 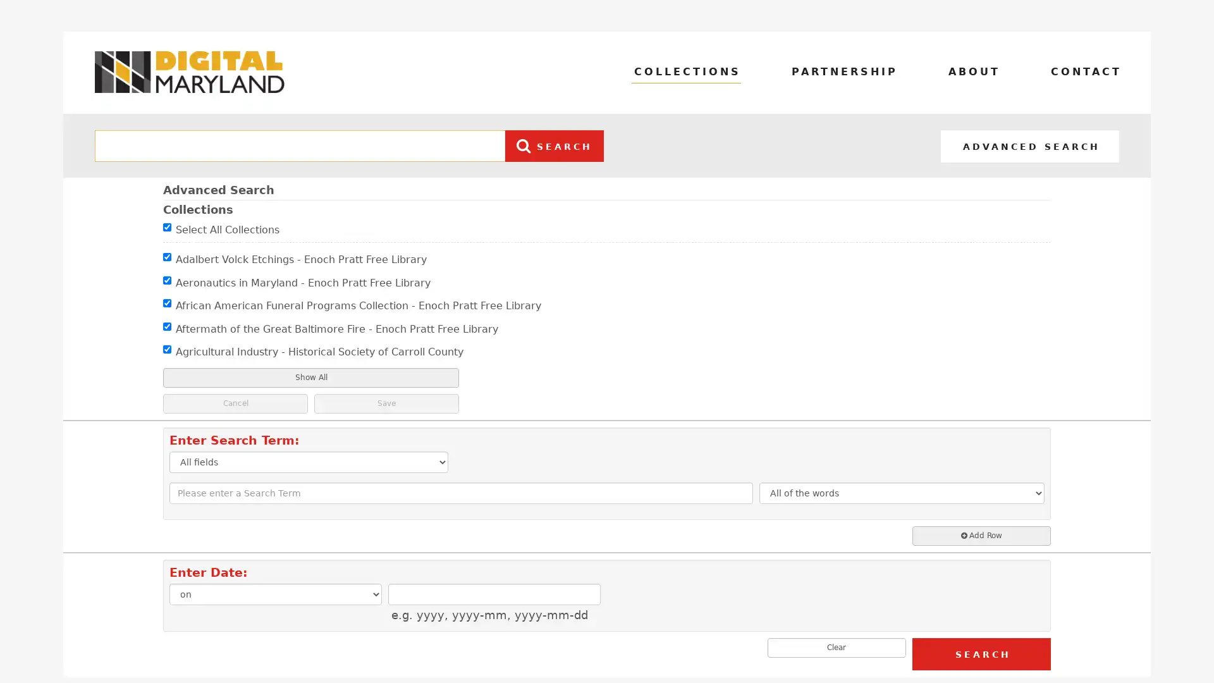 What do you see at coordinates (551, 145) in the screenshot?
I see `Search` at bounding box center [551, 145].